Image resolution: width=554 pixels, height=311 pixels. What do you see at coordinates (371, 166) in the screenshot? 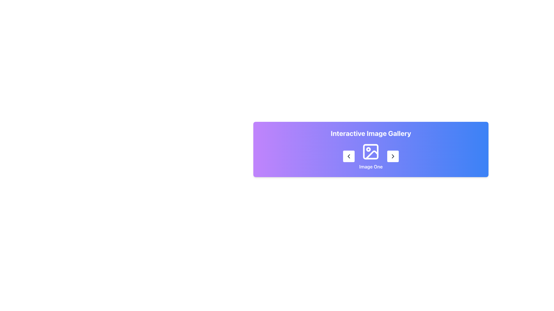
I see `the 'Image One' text label, which is displayed in bold font beneath an image icon and has a blue-purple gradient background` at bounding box center [371, 166].